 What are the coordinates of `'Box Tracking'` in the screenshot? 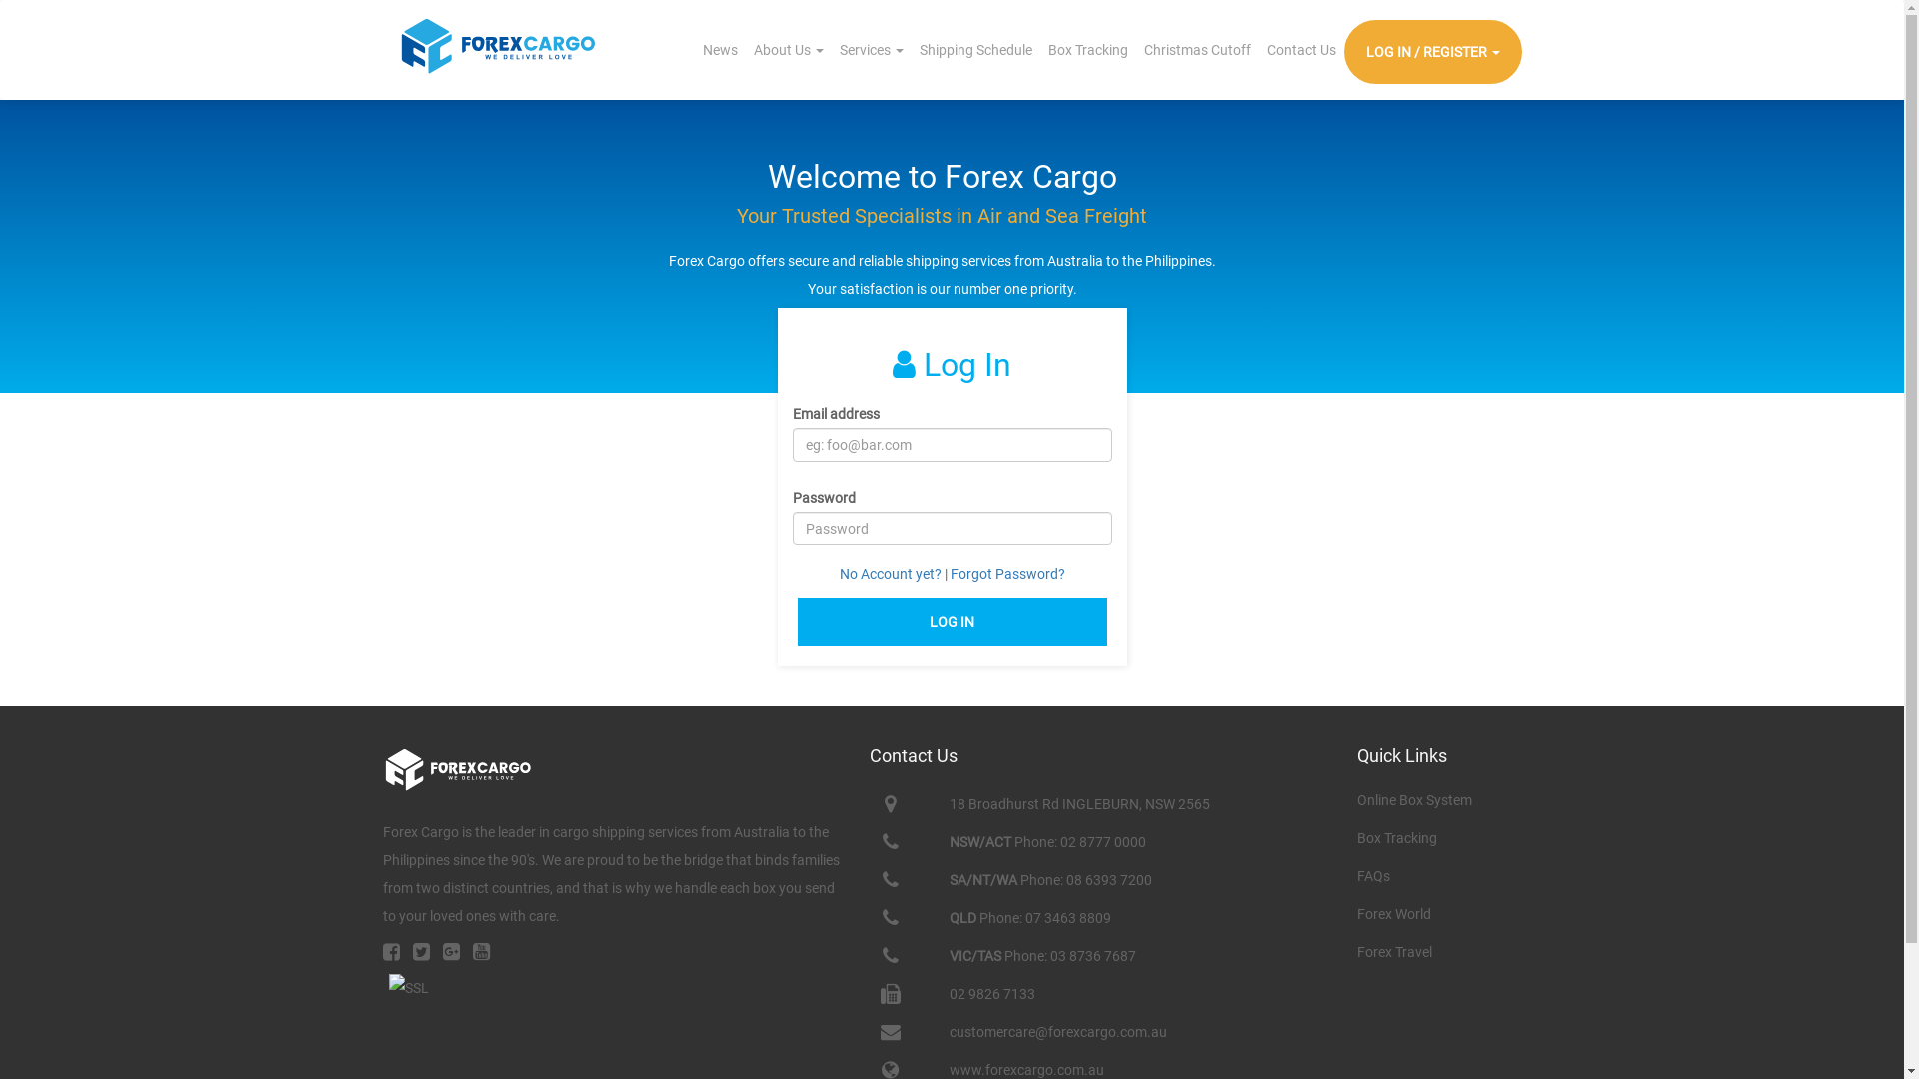 It's located at (1395, 838).